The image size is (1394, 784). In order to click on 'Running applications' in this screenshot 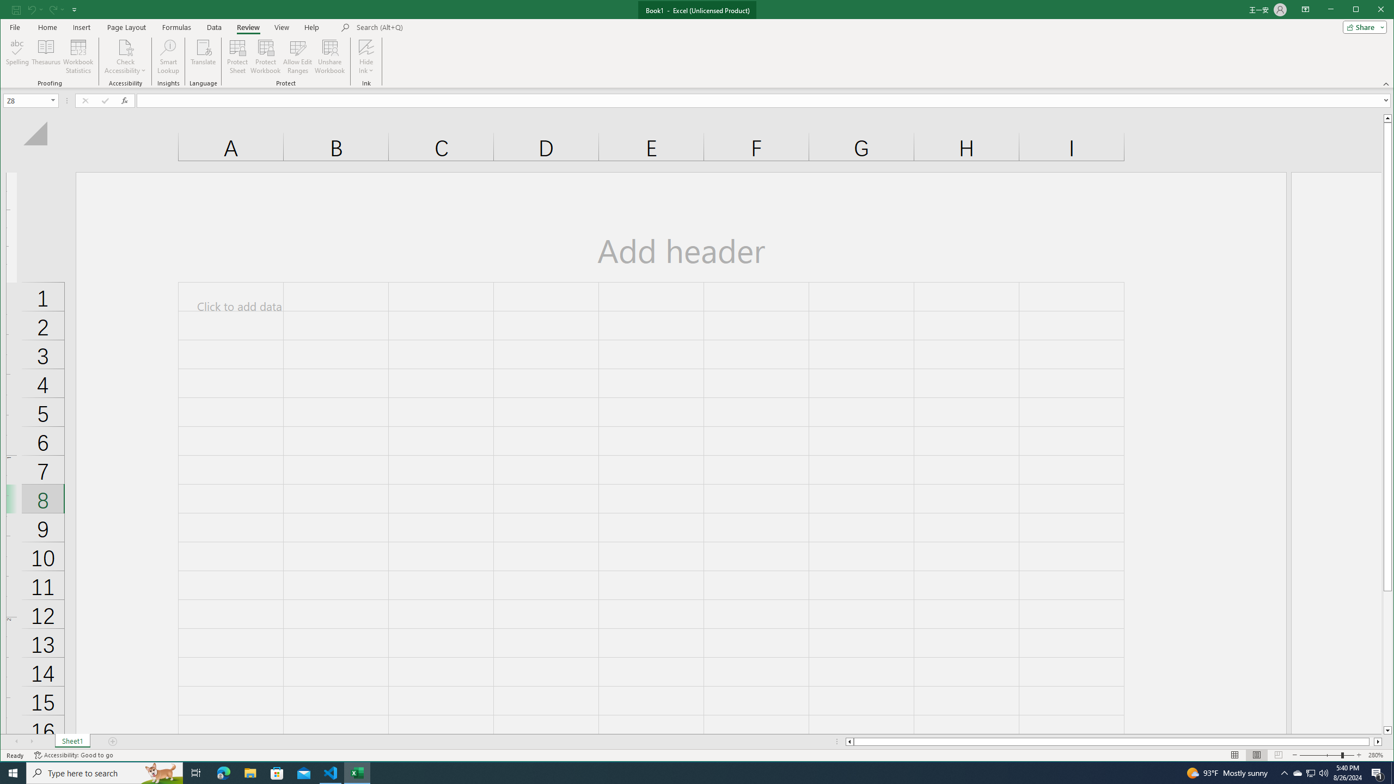, I will do `click(687, 772)`.